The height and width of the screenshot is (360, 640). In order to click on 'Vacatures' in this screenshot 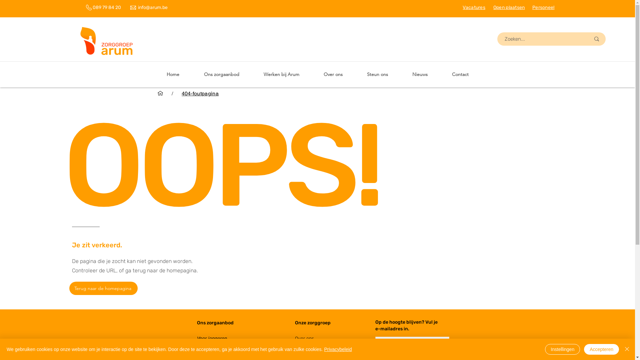, I will do `click(473, 7)`.